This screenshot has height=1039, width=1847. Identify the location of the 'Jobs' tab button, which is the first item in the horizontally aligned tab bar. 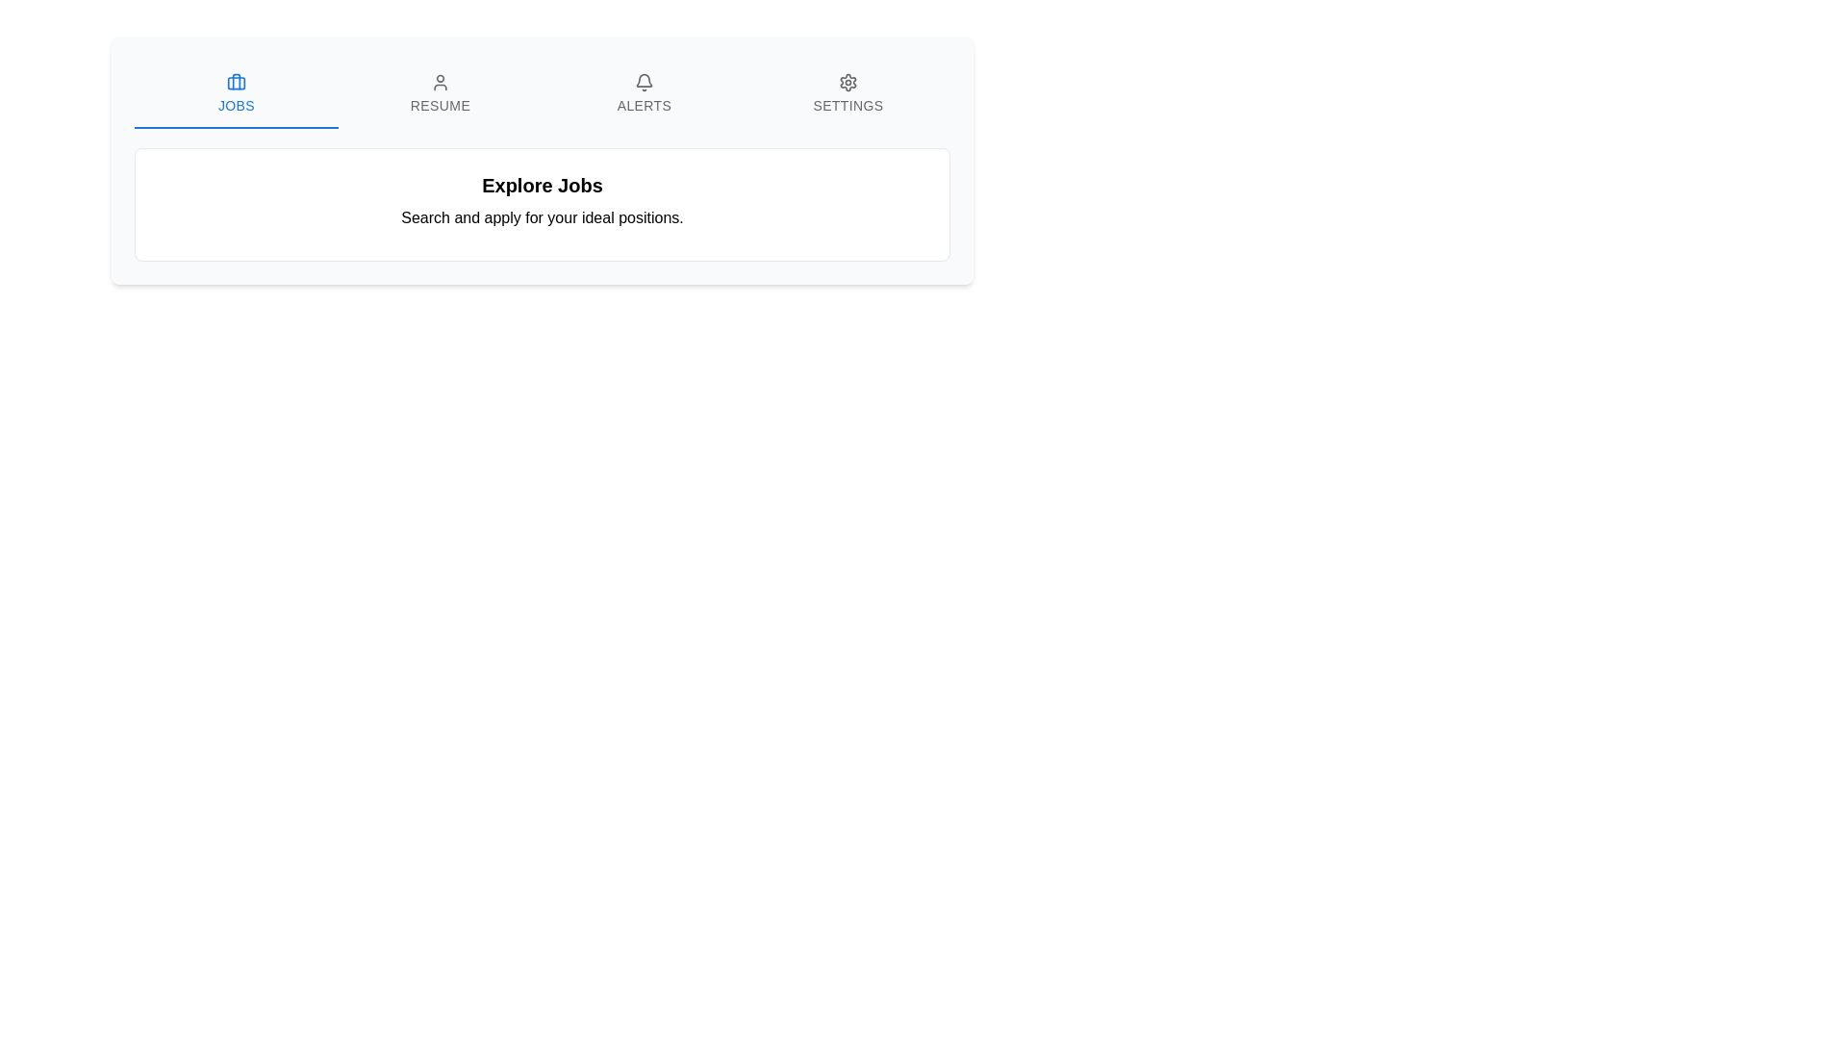
(235, 93).